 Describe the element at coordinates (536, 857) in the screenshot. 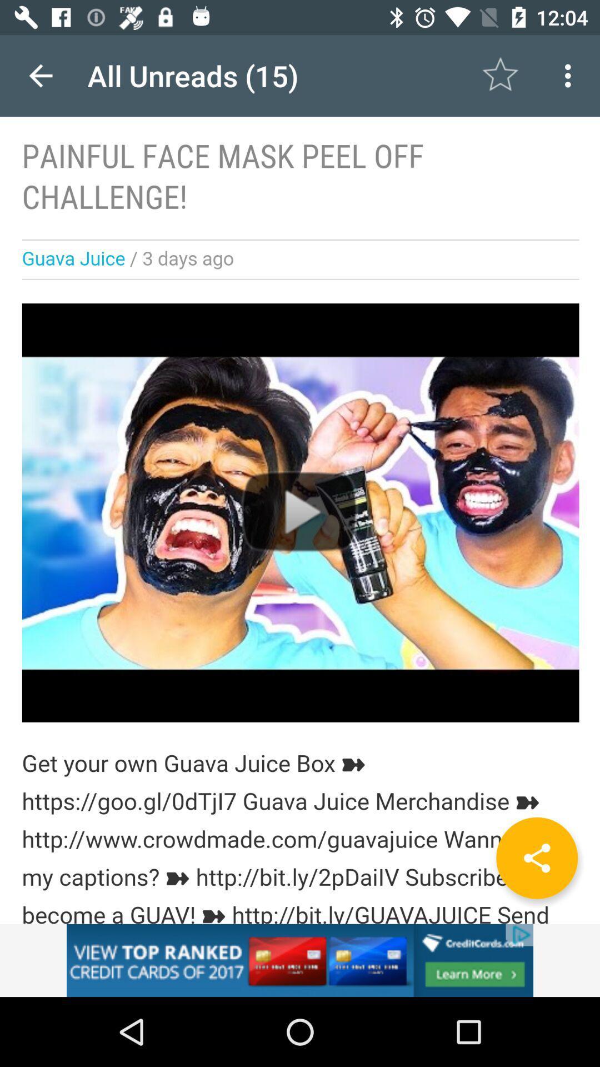

I see `share link` at that location.